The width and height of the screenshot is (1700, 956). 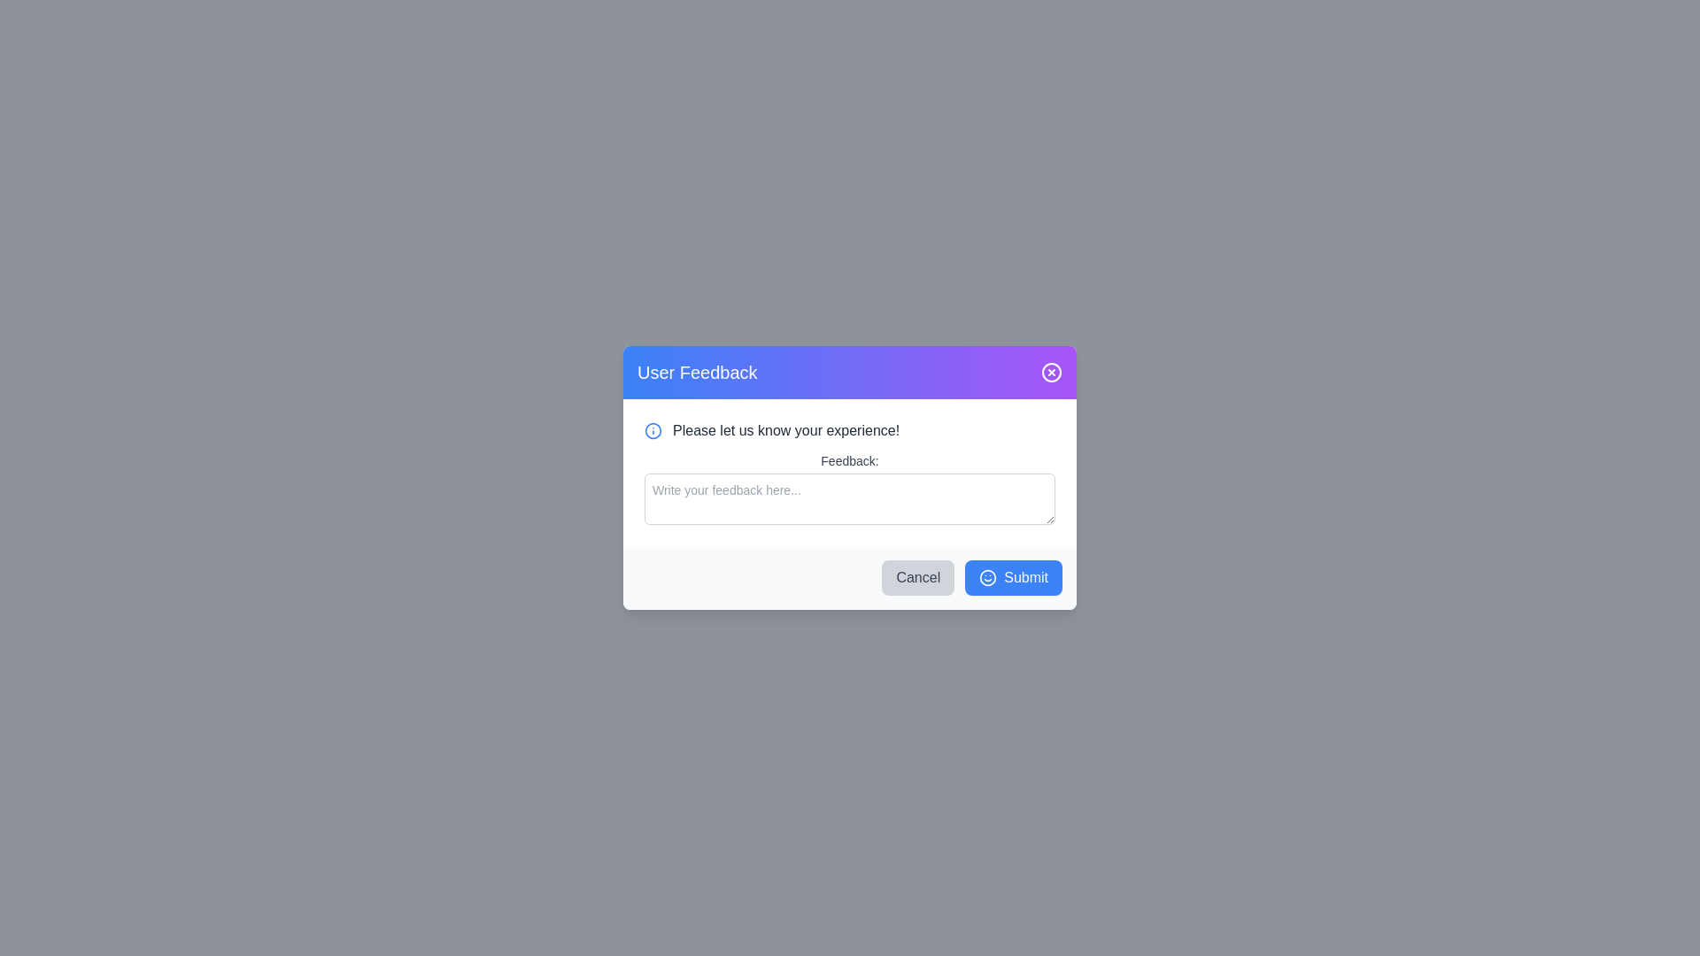 I want to click on the circular blue icon with an information symbol ('i'), so click(x=653, y=430).